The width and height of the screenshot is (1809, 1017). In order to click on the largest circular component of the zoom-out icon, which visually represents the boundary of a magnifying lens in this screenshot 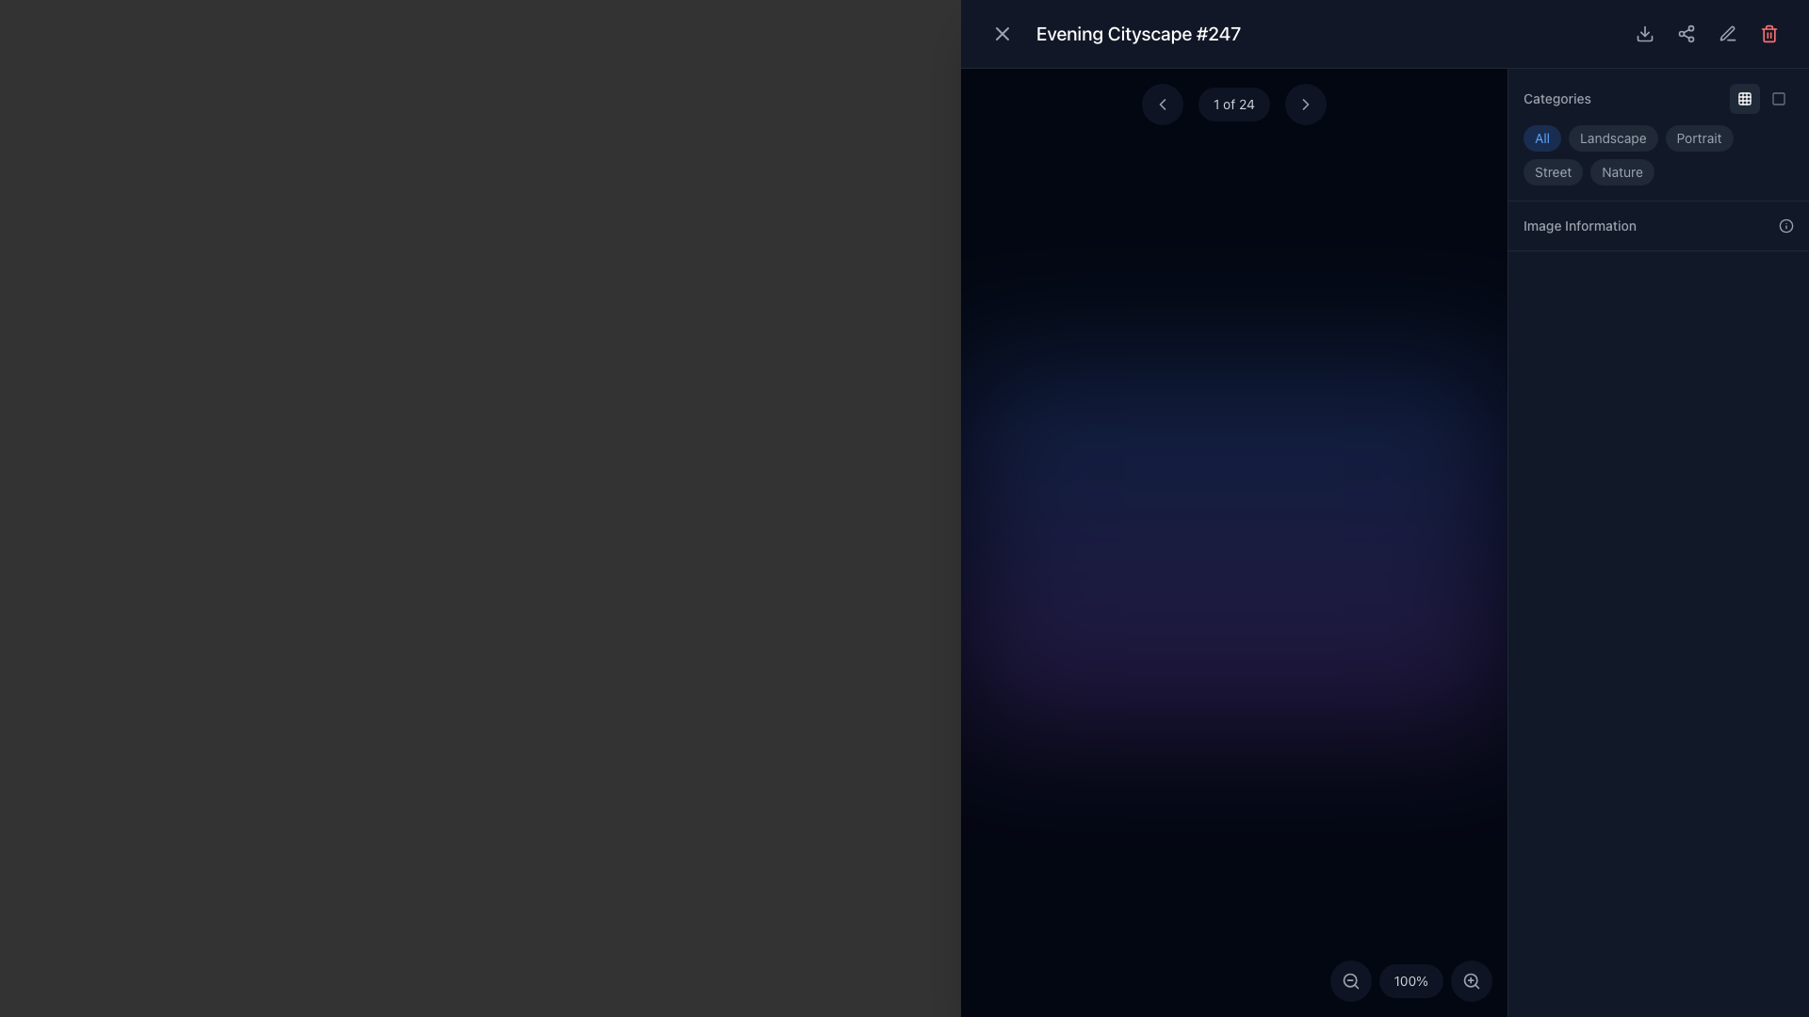, I will do `click(1348, 979)`.